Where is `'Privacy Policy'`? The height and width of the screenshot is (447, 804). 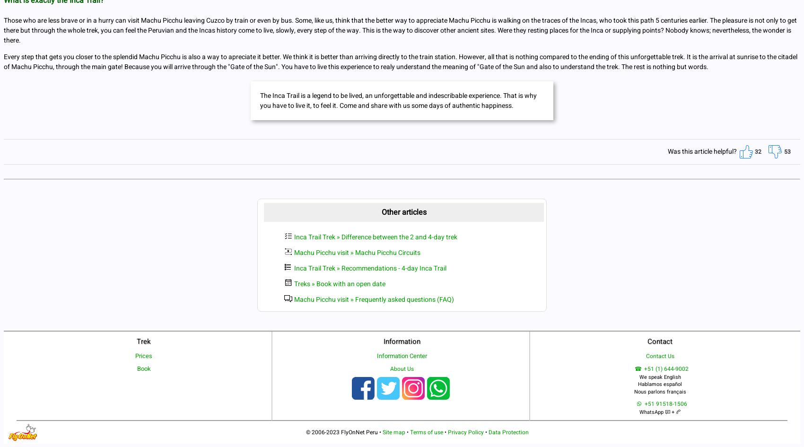
'Privacy Policy' is located at coordinates (465, 431).